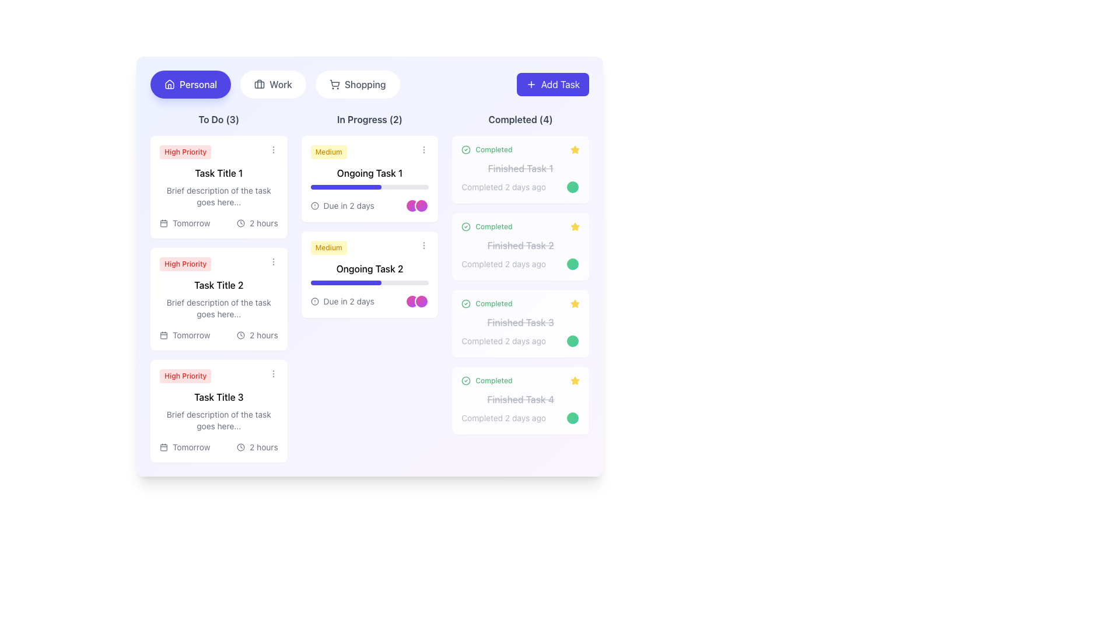 Image resolution: width=1120 pixels, height=630 pixels. What do you see at coordinates (412, 205) in the screenshot?
I see `the leftmost circular icon indicating progress in the 'Ongoing Task 1' card` at bounding box center [412, 205].